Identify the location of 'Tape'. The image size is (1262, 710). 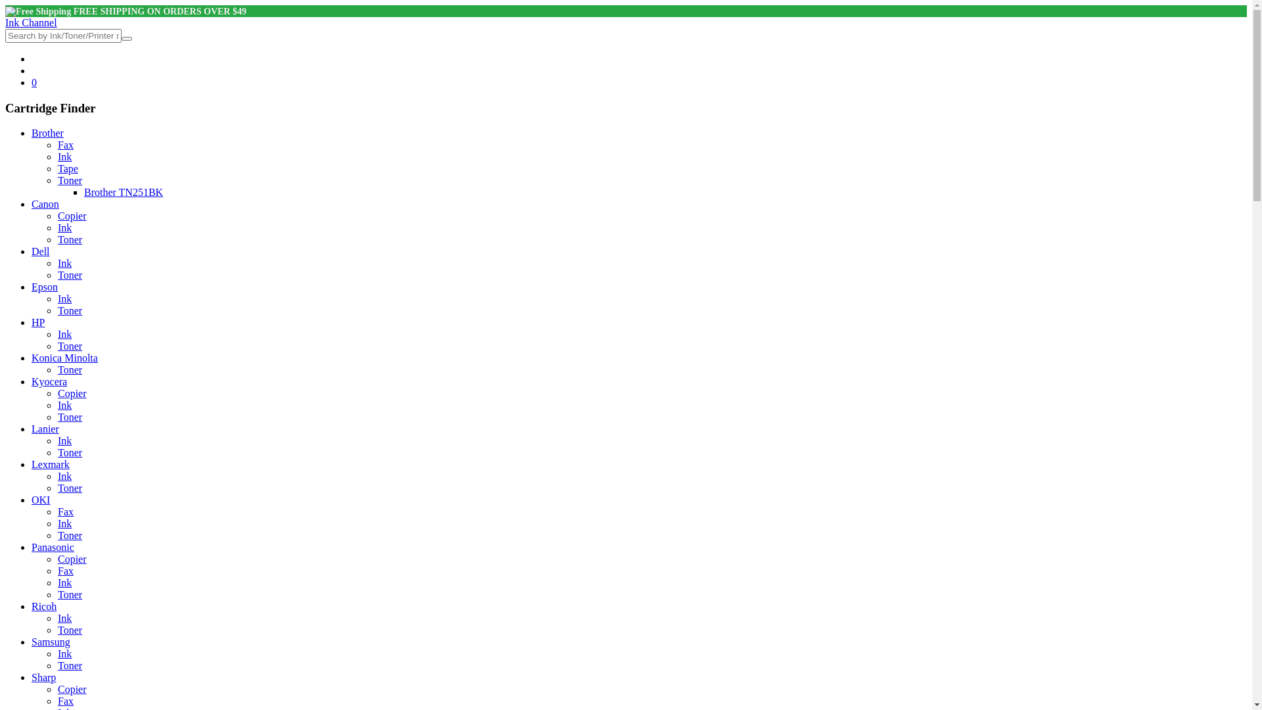
(57, 168).